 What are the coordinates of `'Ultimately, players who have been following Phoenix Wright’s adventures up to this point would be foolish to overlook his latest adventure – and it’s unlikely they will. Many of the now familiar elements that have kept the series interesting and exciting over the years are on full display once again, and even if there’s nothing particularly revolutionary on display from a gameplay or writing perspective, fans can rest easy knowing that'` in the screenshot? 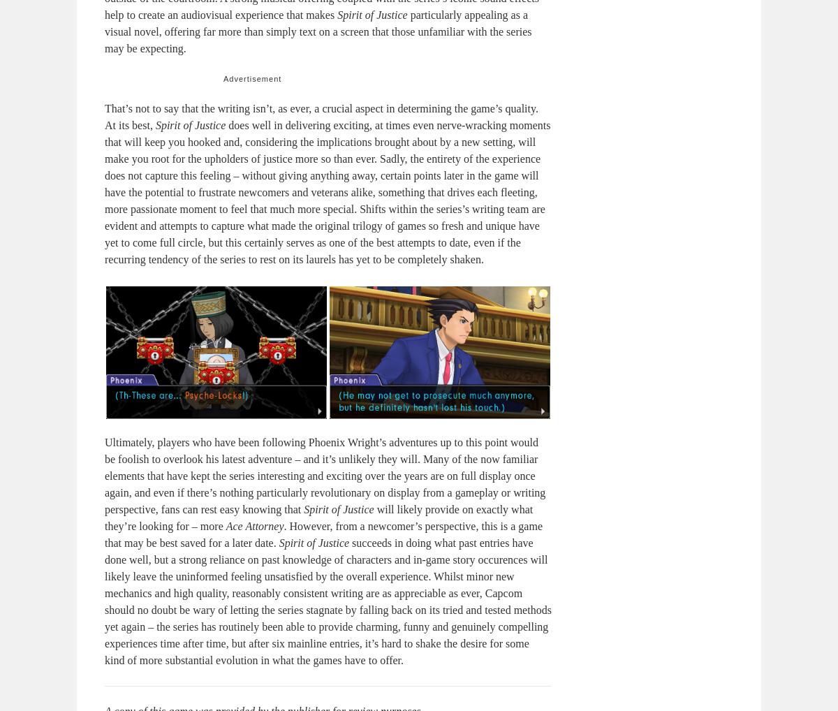 It's located at (324, 476).